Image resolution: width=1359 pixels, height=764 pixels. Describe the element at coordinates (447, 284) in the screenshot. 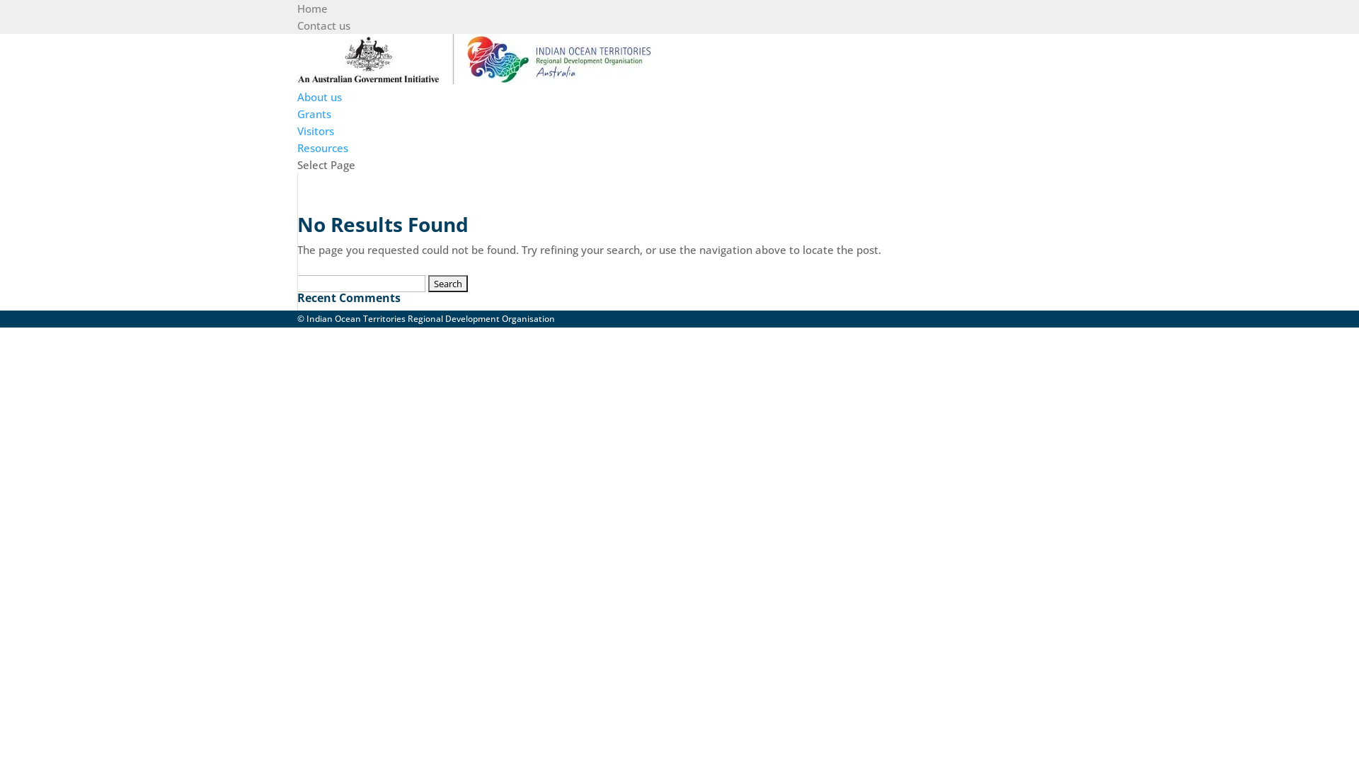

I see `'Search'` at that location.